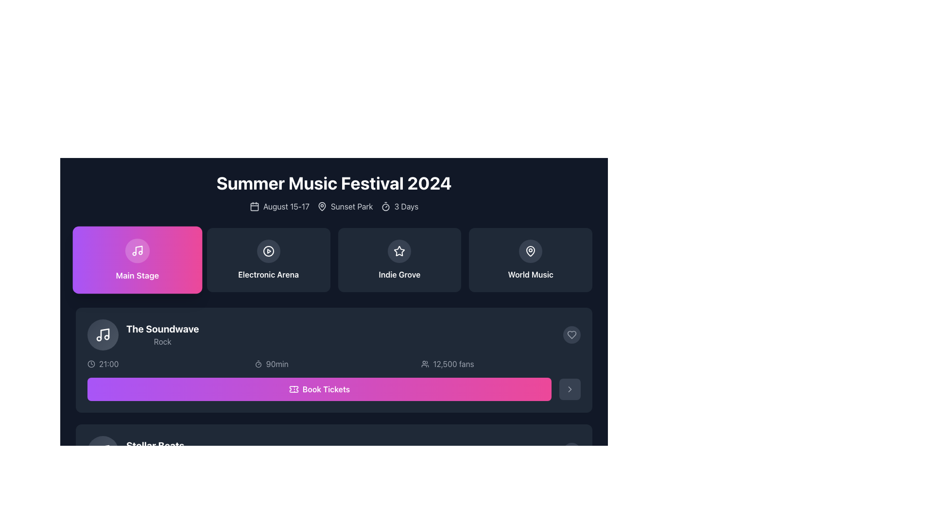 This screenshot has height=525, width=933. Describe the element at coordinates (334, 193) in the screenshot. I see `event details from the header titled 'Summer Music Festival 2024', which is prominently styled in bold white text against a dark background and located at the top center of the layout` at that location.